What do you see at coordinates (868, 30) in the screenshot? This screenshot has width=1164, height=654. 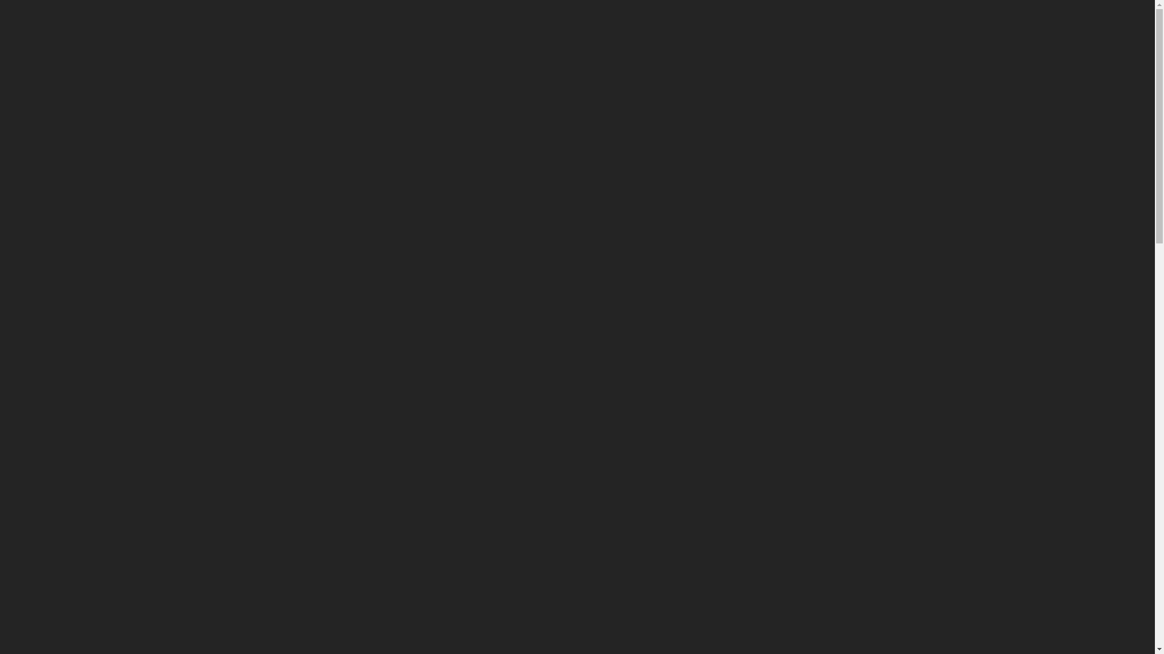 I see `'0417 700 033'` at bounding box center [868, 30].